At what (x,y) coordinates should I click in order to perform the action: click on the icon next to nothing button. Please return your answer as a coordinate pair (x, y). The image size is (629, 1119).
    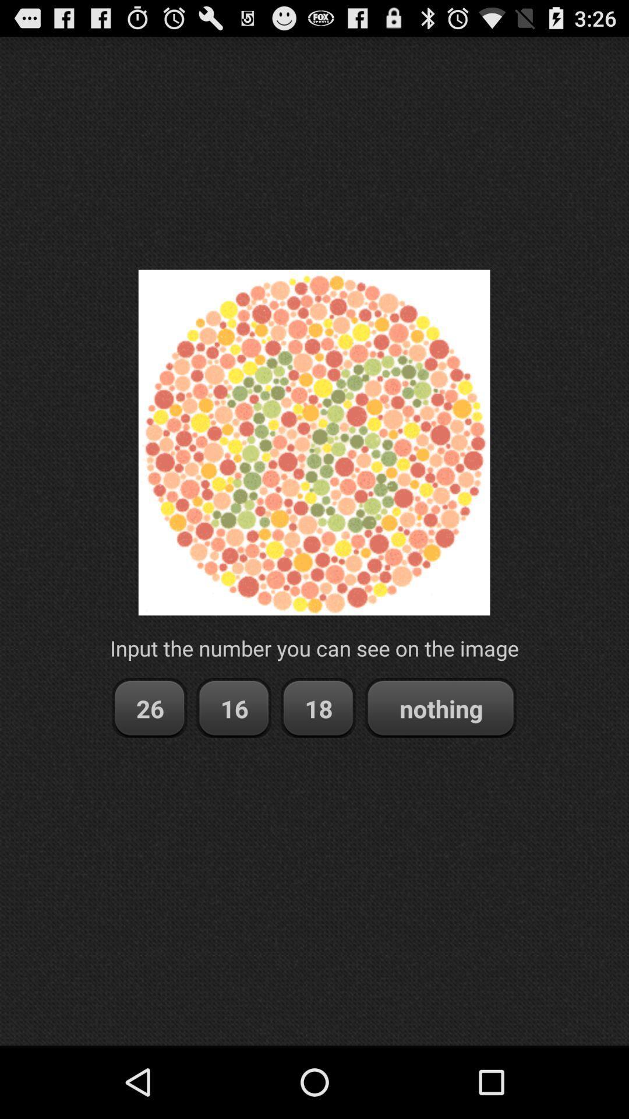
    Looking at the image, I should click on (318, 708).